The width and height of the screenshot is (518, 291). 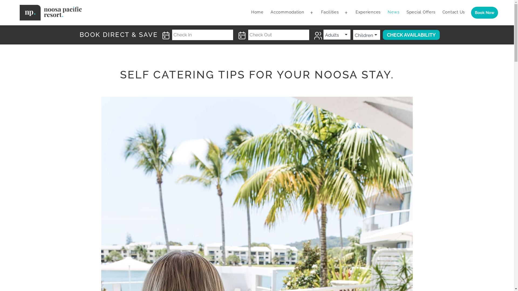 What do you see at coordinates (393, 12) in the screenshot?
I see `'News'` at bounding box center [393, 12].